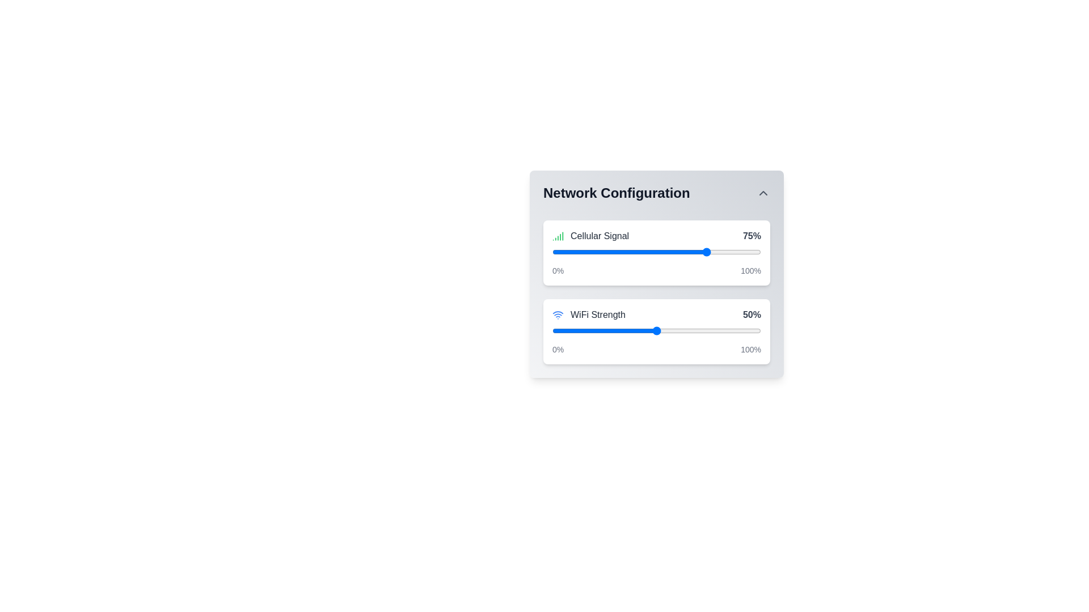 The height and width of the screenshot is (612, 1089). What do you see at coordinates (656, 287) in the screenshot?
I see `the composite panel containing sliders and labels for network attributes in the 'Network Configuration' section` at bounding box center [656, 287].